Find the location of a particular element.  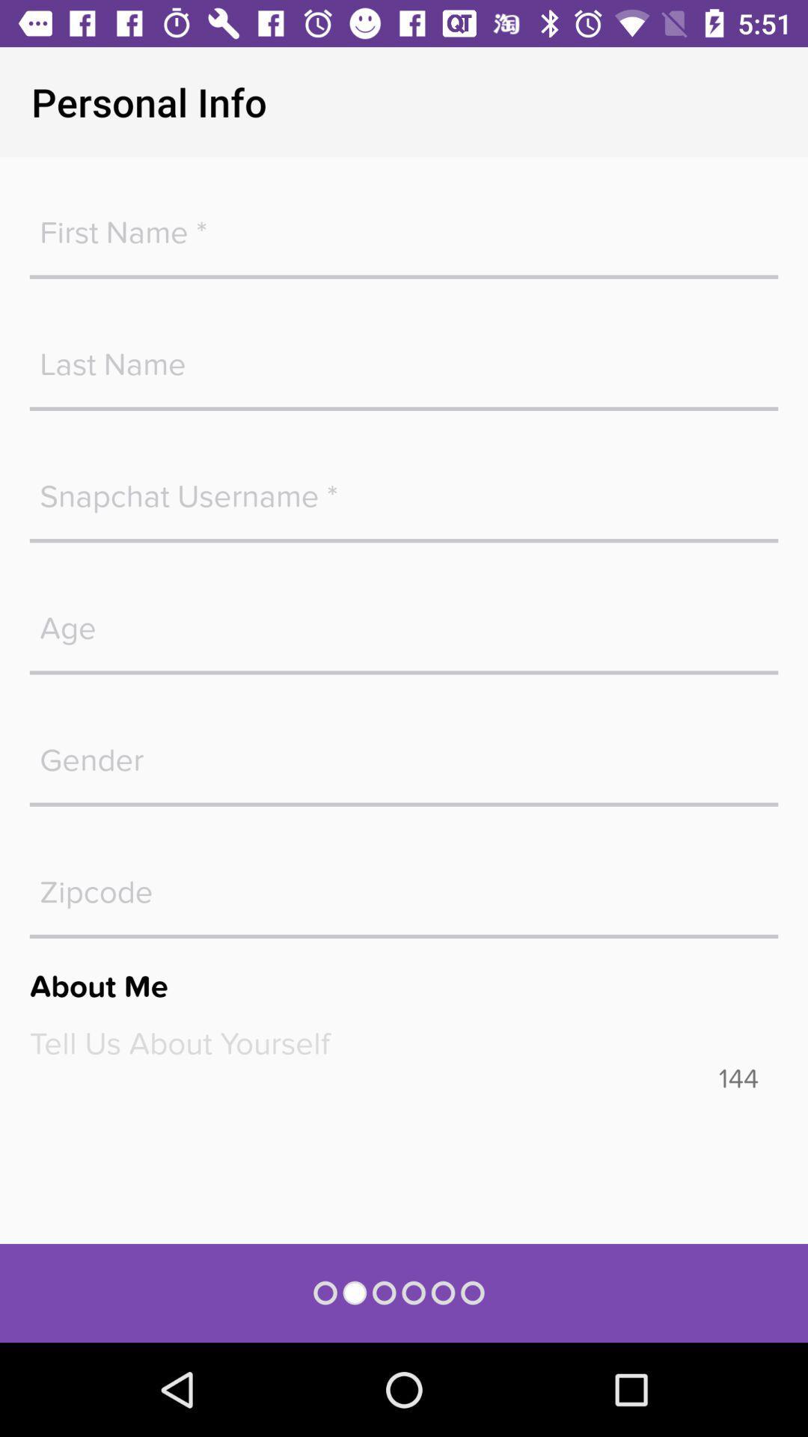

name field is located at coordinates (404, 356).